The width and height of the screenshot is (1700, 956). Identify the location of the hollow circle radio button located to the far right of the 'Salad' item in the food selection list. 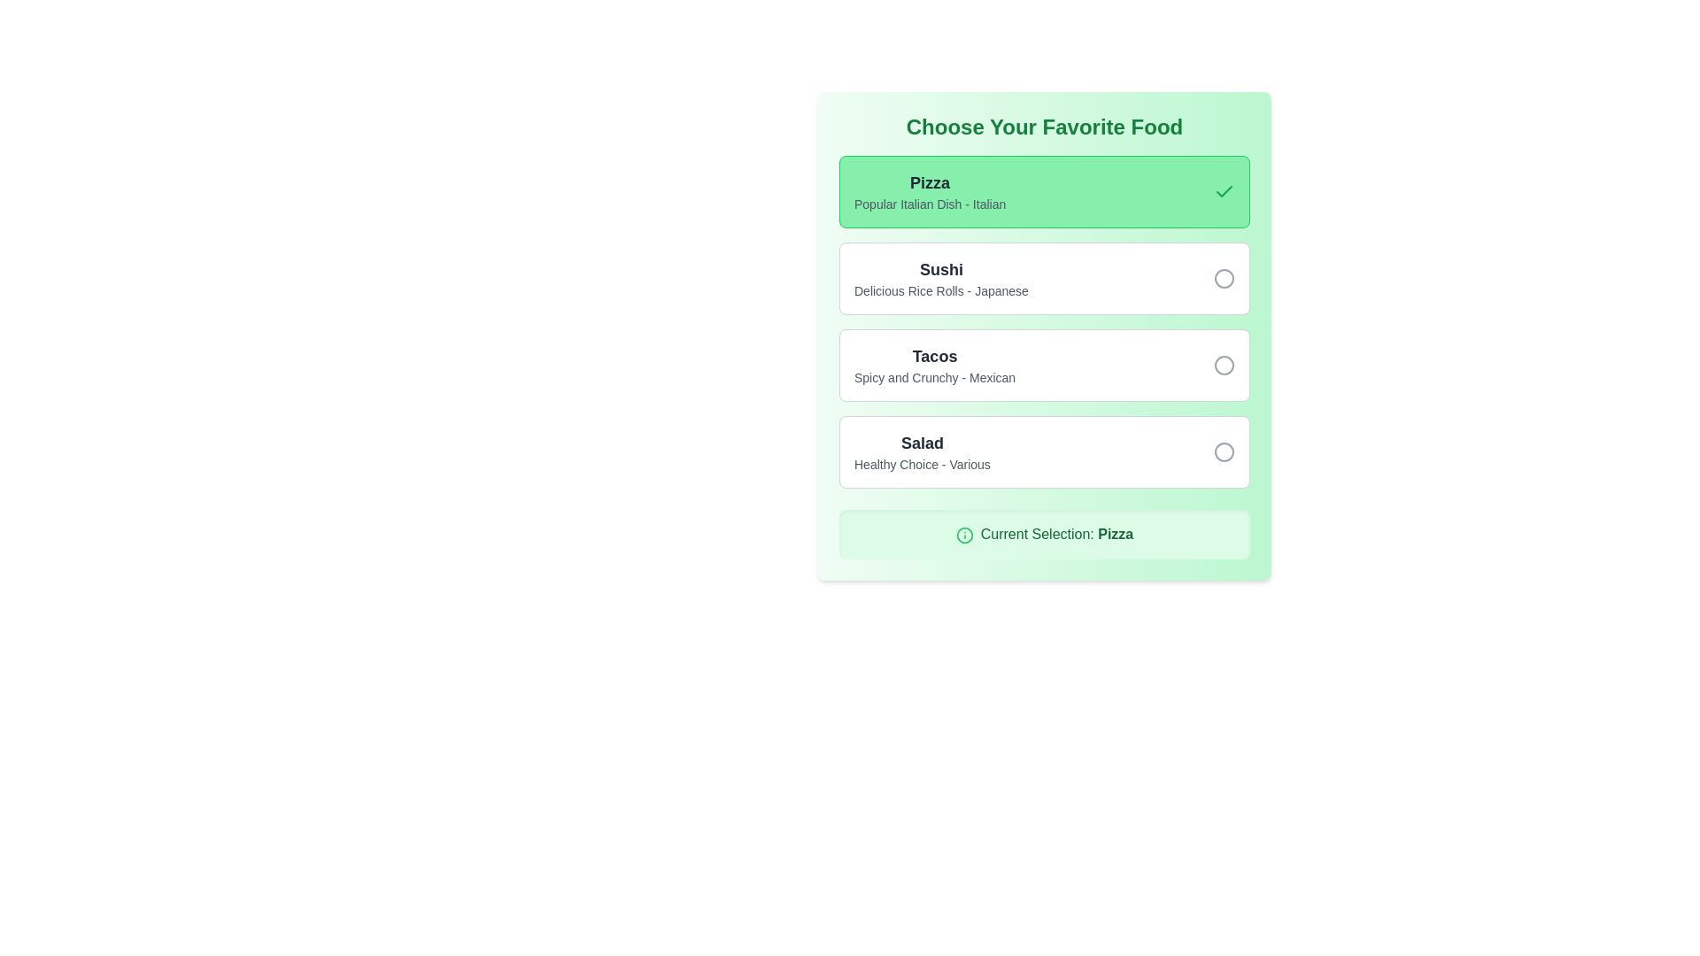
(1223, 451).